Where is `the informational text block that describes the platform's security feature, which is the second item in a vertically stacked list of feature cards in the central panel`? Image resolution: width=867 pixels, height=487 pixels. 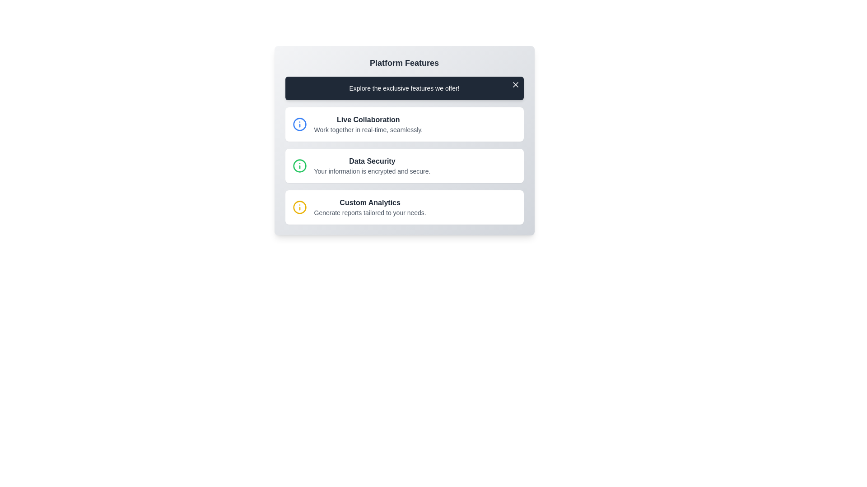
the informational text block that describes the platform's security feature, which is the second item in a vertically stacked list of feature cards in the central panel is located at coordinates (372, 165).